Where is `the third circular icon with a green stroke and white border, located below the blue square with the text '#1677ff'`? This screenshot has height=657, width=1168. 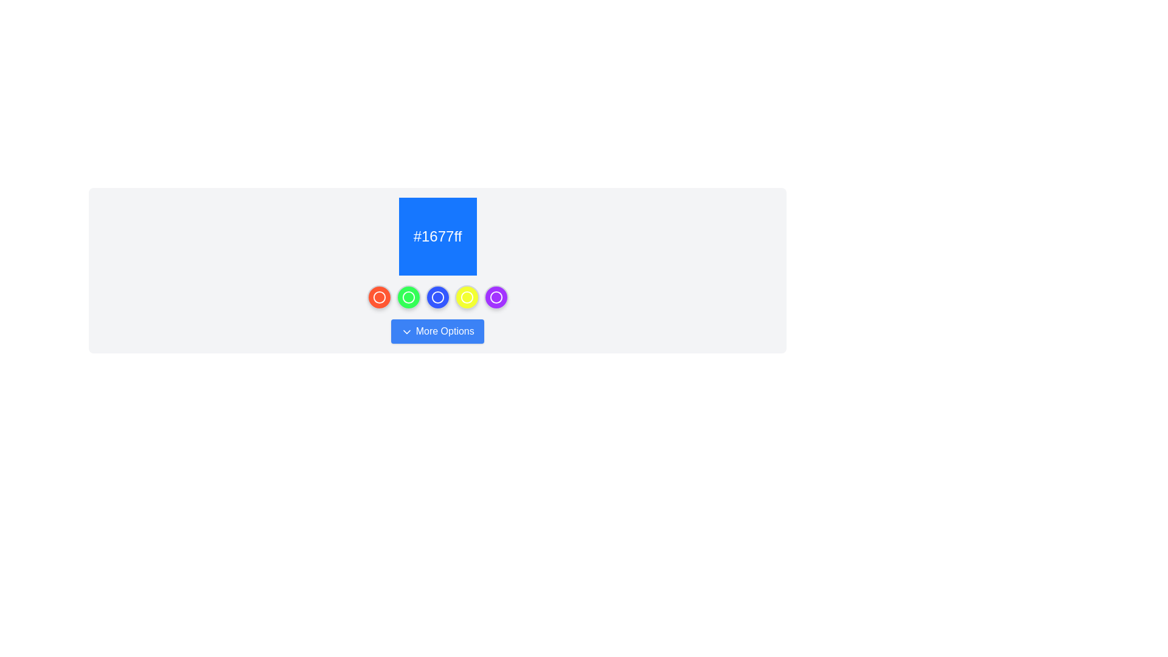
the third circular icon with a green stroke and white border, located below the blue square with the text '#1677ff' is located at coordinates (408, 297).